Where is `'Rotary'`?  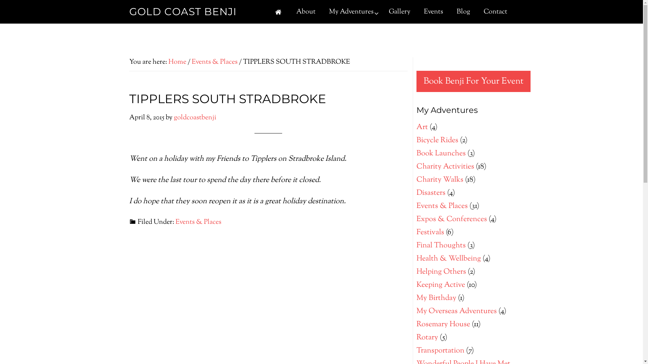
'Rotary' is located at coordinates (427, 338).